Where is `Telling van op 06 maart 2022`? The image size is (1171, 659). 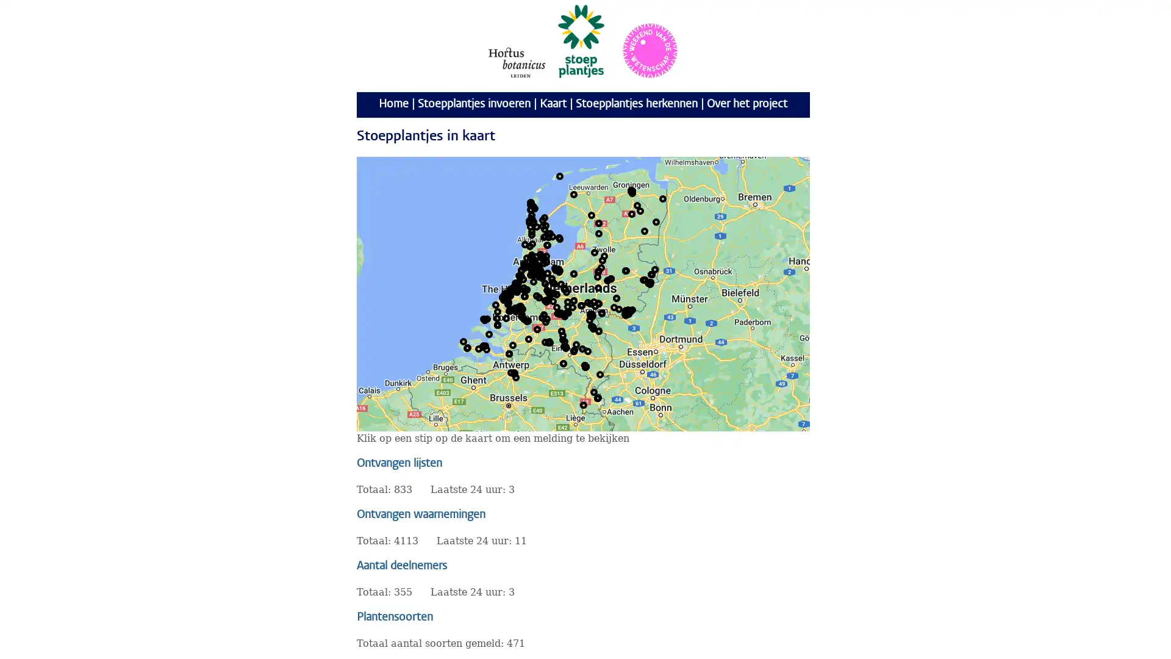 Telling van op 06 maart 2022 is located at coordinates (543, 262).